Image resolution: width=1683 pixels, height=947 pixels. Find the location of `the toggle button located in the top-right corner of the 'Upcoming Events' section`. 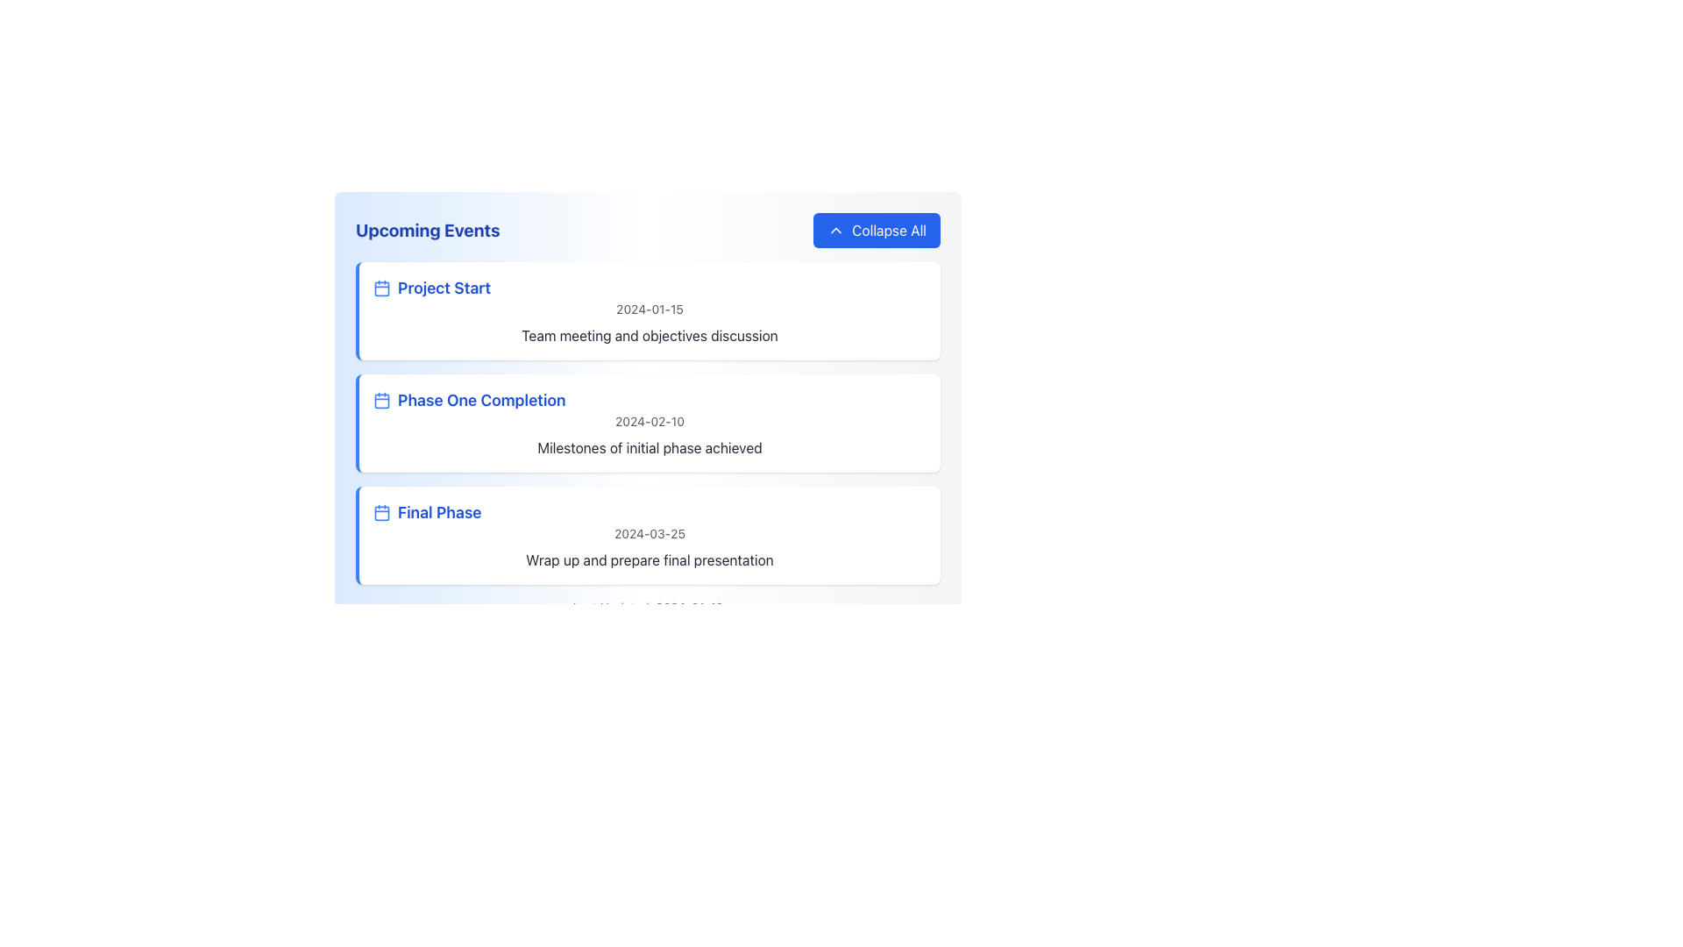

the toggle button located in the top-right corner of the 'Upcoming Events' section is located at coordinates (876, 229).